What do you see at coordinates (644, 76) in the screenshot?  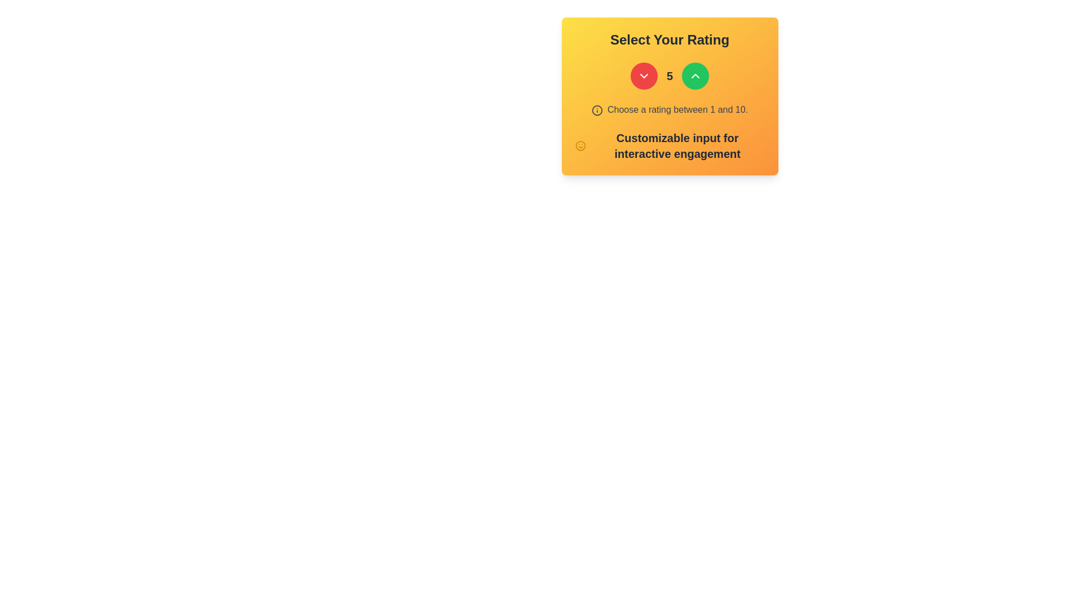 I see `the downward chevron icon inside the red button located on the left side of the rating number '5'` at bounding box center [644, 76].